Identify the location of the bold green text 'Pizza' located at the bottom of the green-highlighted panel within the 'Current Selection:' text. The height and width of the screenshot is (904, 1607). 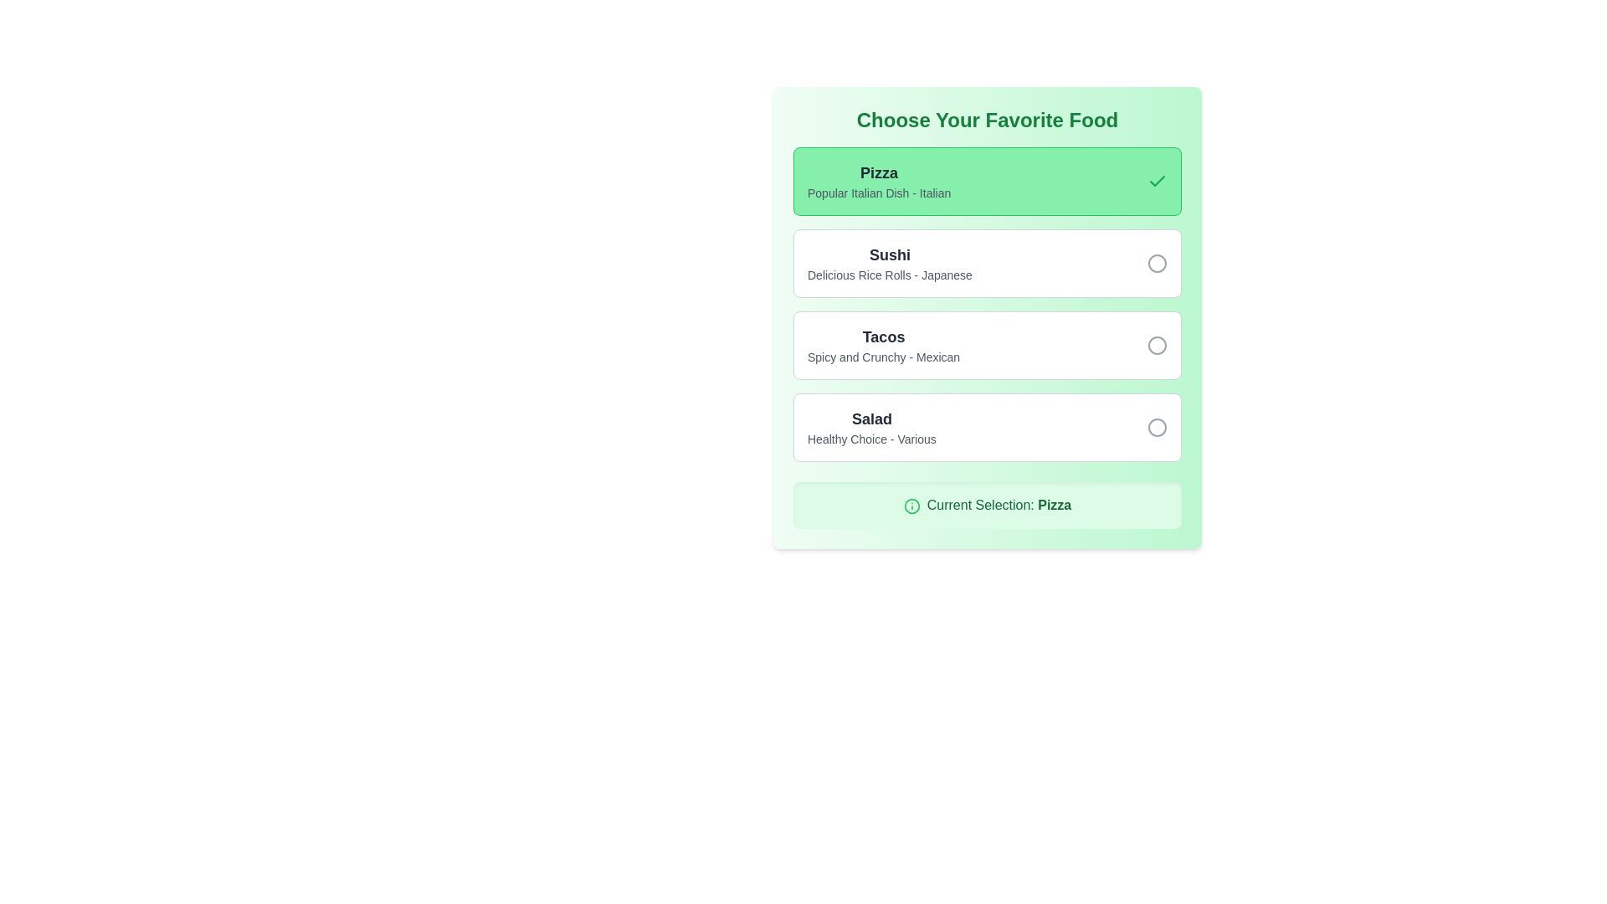
(1054, 504).